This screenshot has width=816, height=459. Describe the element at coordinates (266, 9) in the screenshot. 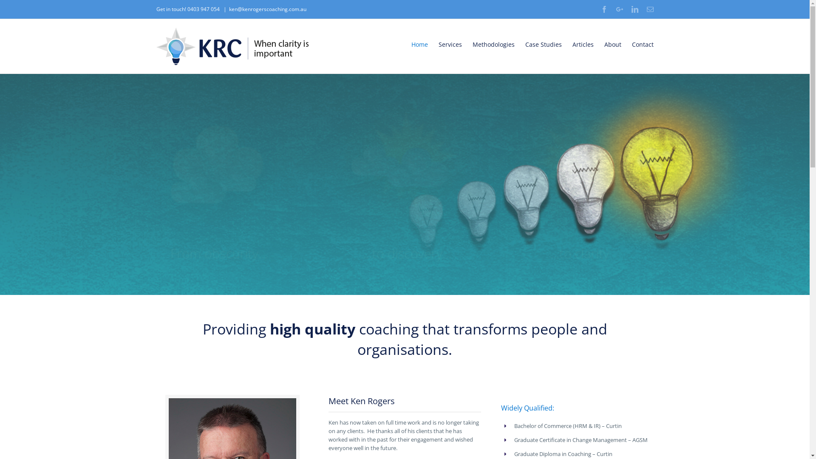

I see `'ken@kenrogerscoaching.com.au'` at that location.